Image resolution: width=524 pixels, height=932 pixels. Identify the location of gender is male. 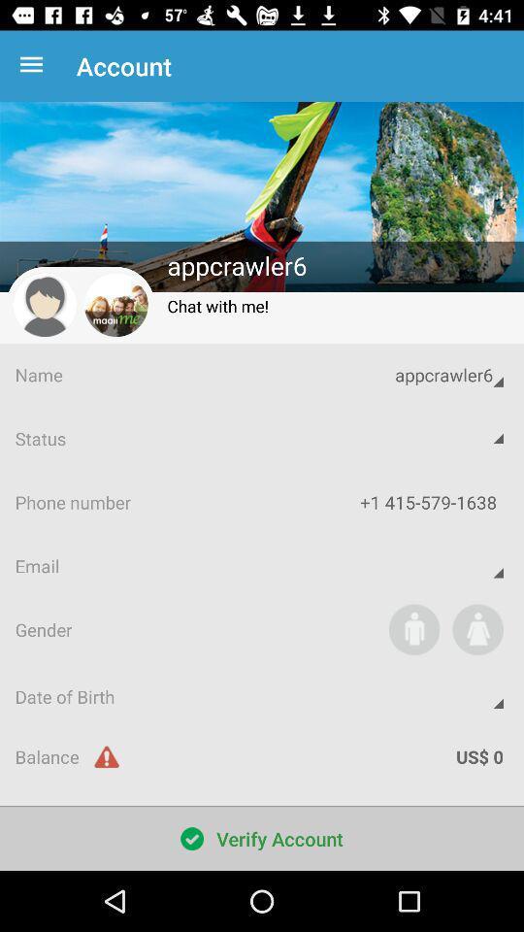
(413, 628).